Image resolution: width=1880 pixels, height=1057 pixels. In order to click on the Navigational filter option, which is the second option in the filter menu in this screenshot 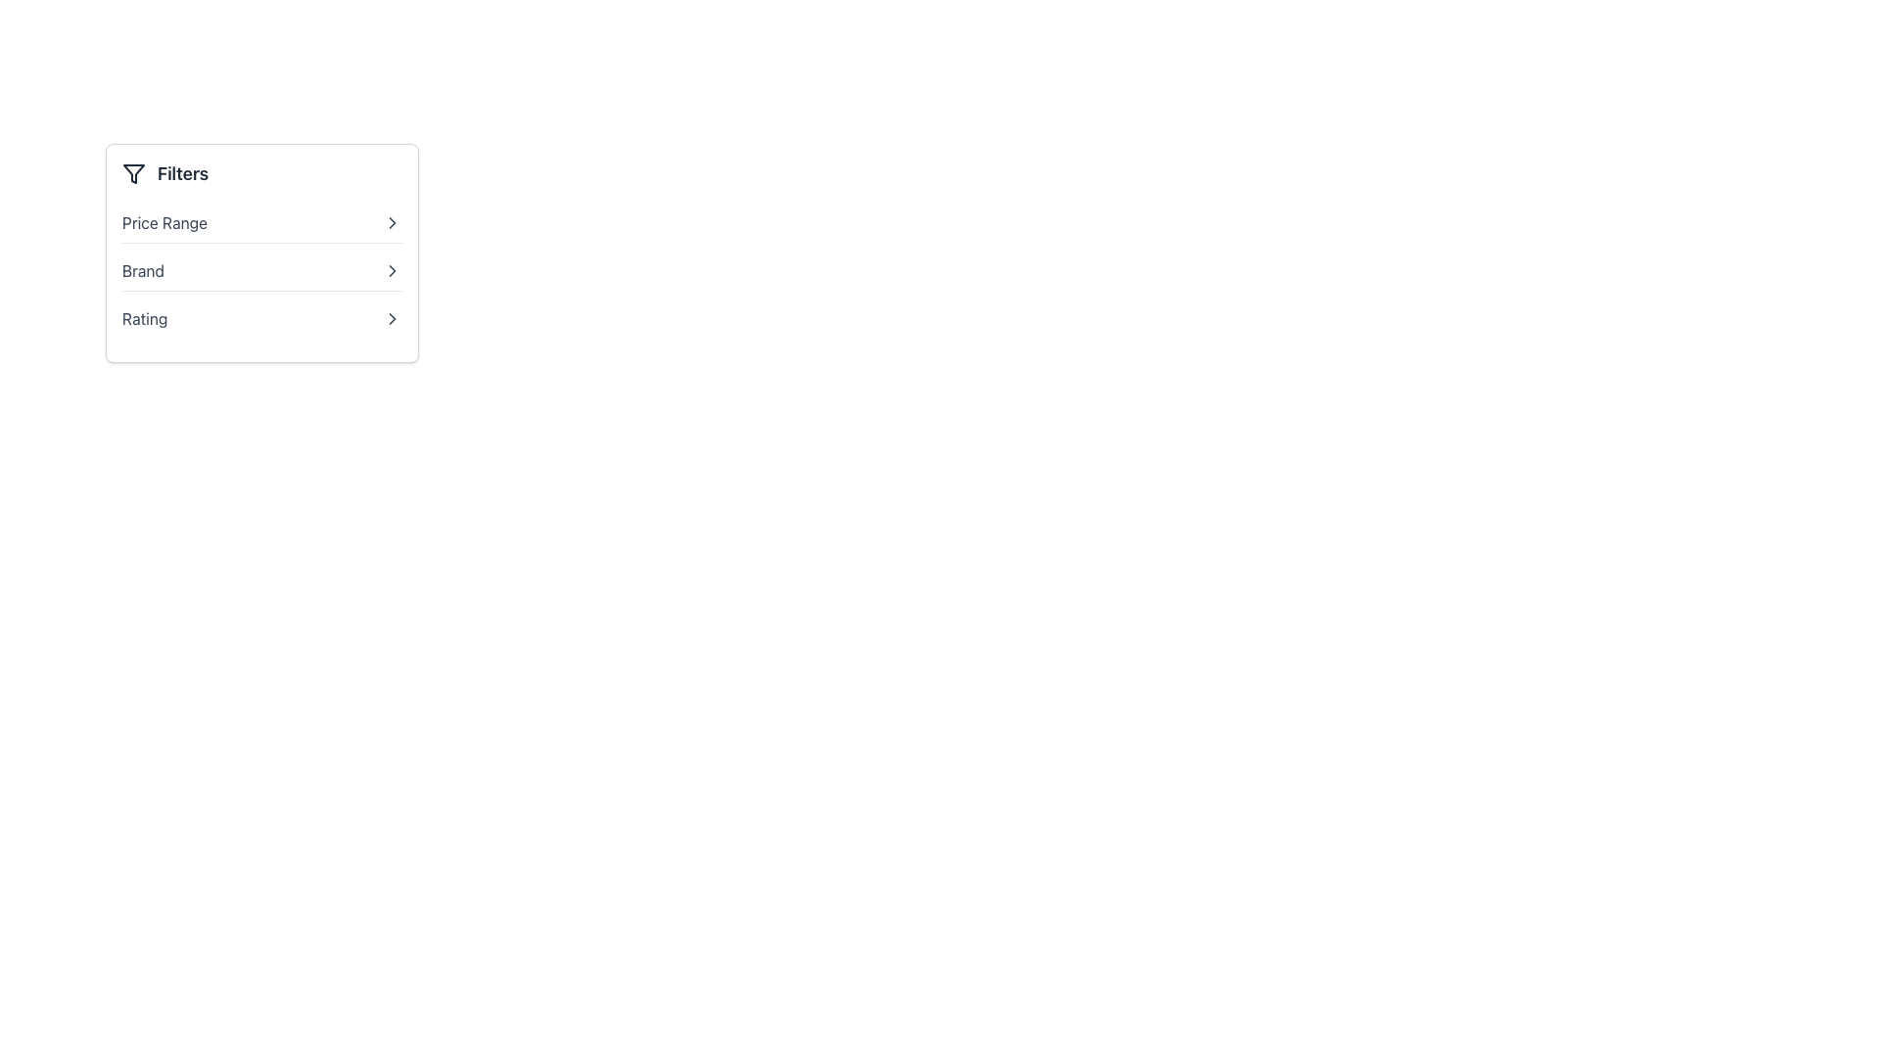, I will do `click(261, 271)`.